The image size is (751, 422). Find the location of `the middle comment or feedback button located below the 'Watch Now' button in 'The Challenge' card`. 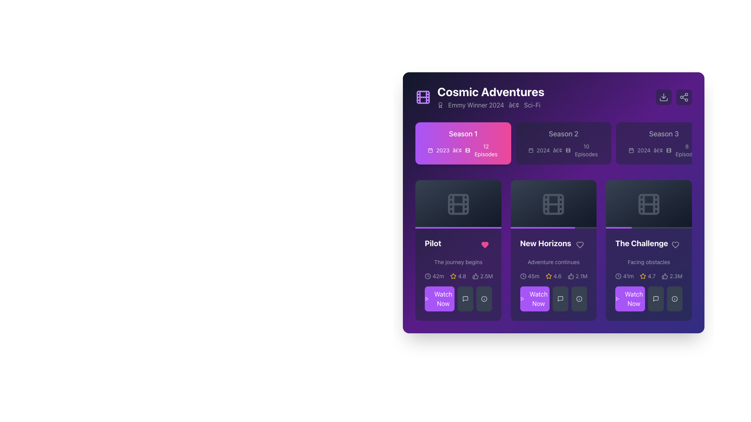

the middle comment or feedback button located below the 'Watch Now' button in 'The Challenge' card is located at coordinates (656, 298).